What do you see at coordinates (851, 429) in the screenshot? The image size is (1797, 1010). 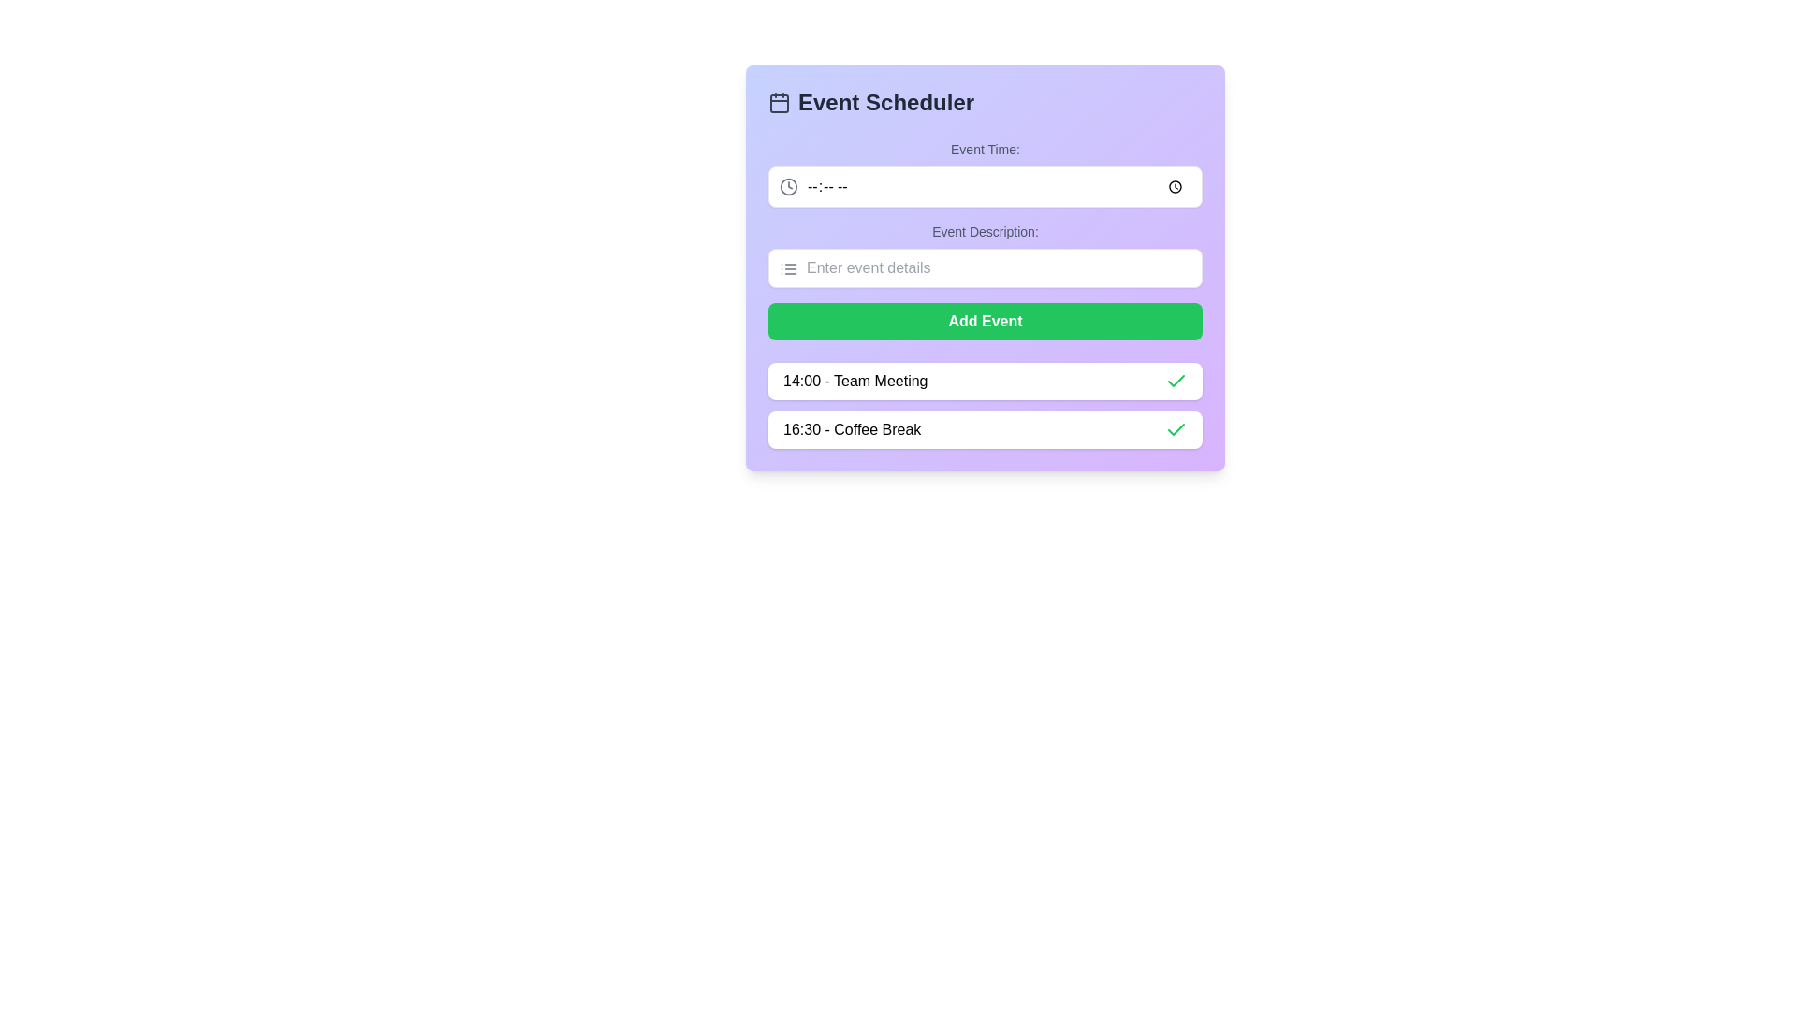 I see `the Text label displaying the time and title of an event scheduled` at bounding box center [851, 429].